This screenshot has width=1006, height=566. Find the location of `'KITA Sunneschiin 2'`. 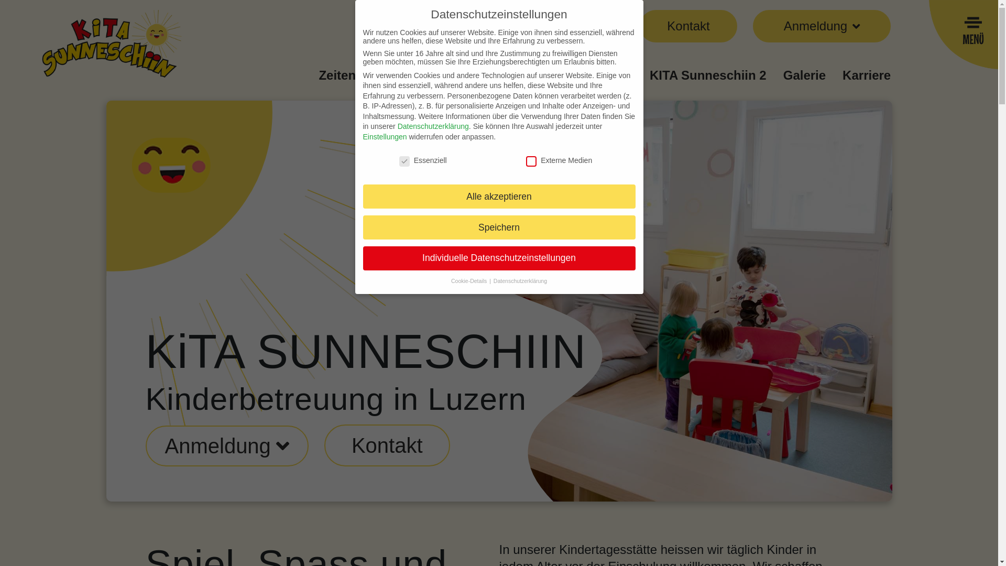

'KITA Sunneschiin 2' is located at coordinates (708, 74).